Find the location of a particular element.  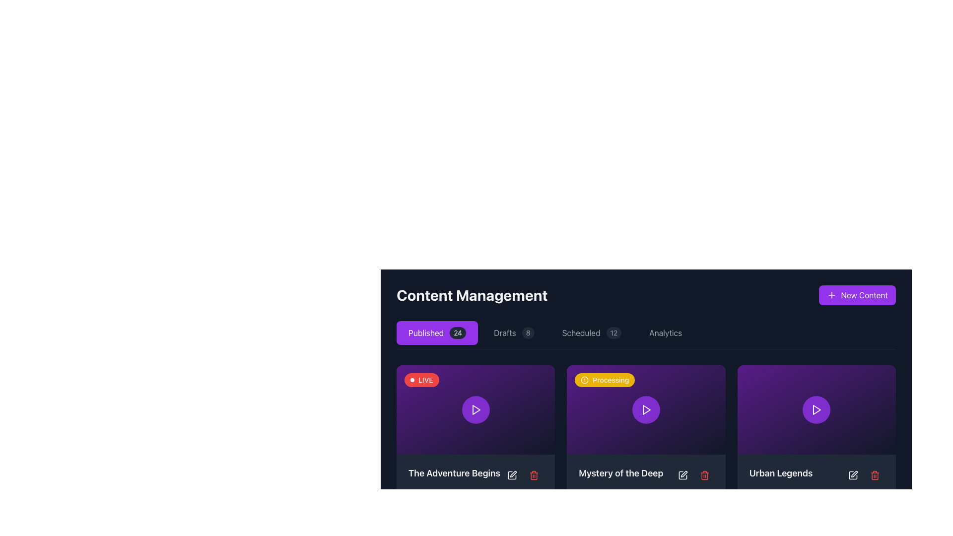

the delete icon located at the bottom right of the card titled 'The Adventure Begins' in the 'Published' section of the 'Content Management' interface is located at coordinates (534, 475).